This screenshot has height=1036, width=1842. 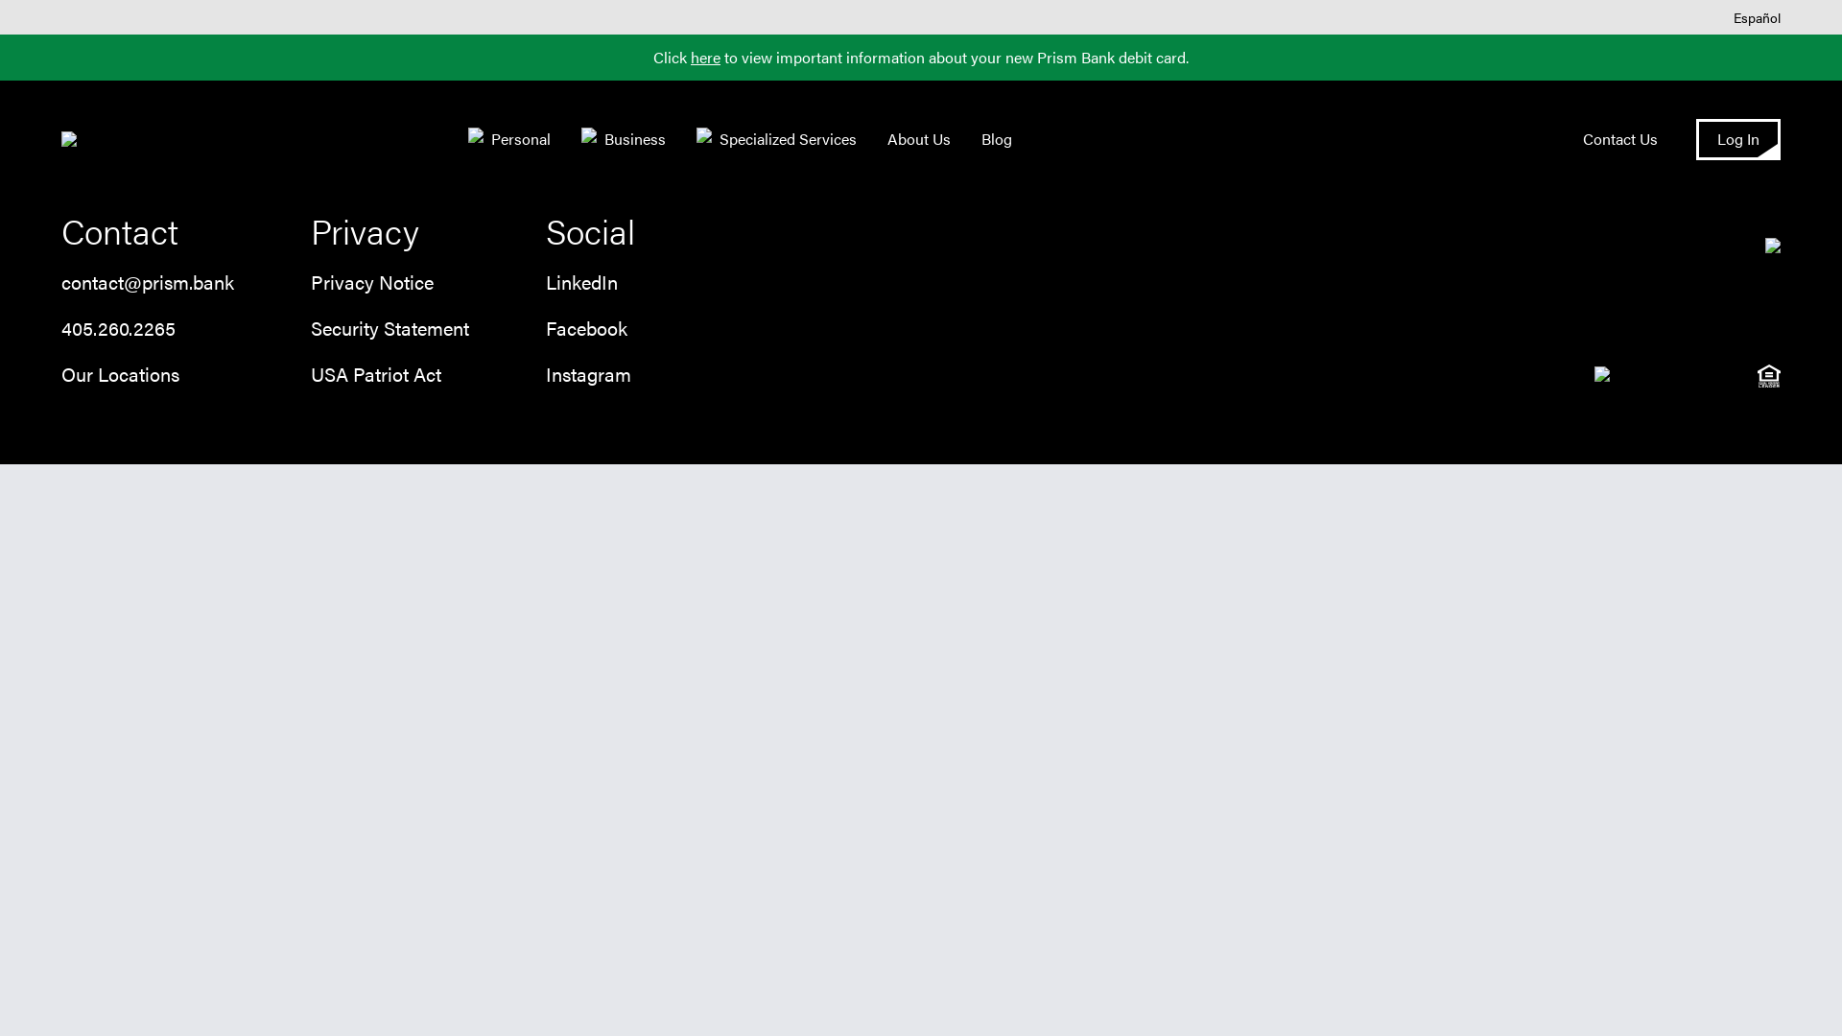 What do you see at coordinates (580, 281) in the screenshot?
I see `'LinkedIn'` at bounding box center [580, 281].